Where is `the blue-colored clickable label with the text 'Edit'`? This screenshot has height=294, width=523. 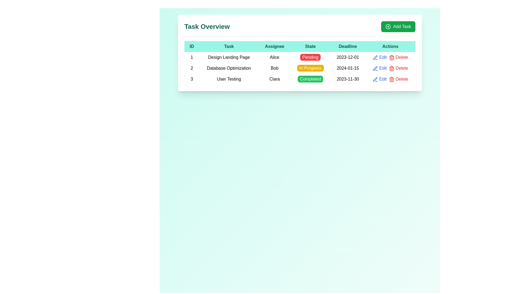 the blue-colored clickable label with the text 'Edit' is located at coordinates (379, 79).